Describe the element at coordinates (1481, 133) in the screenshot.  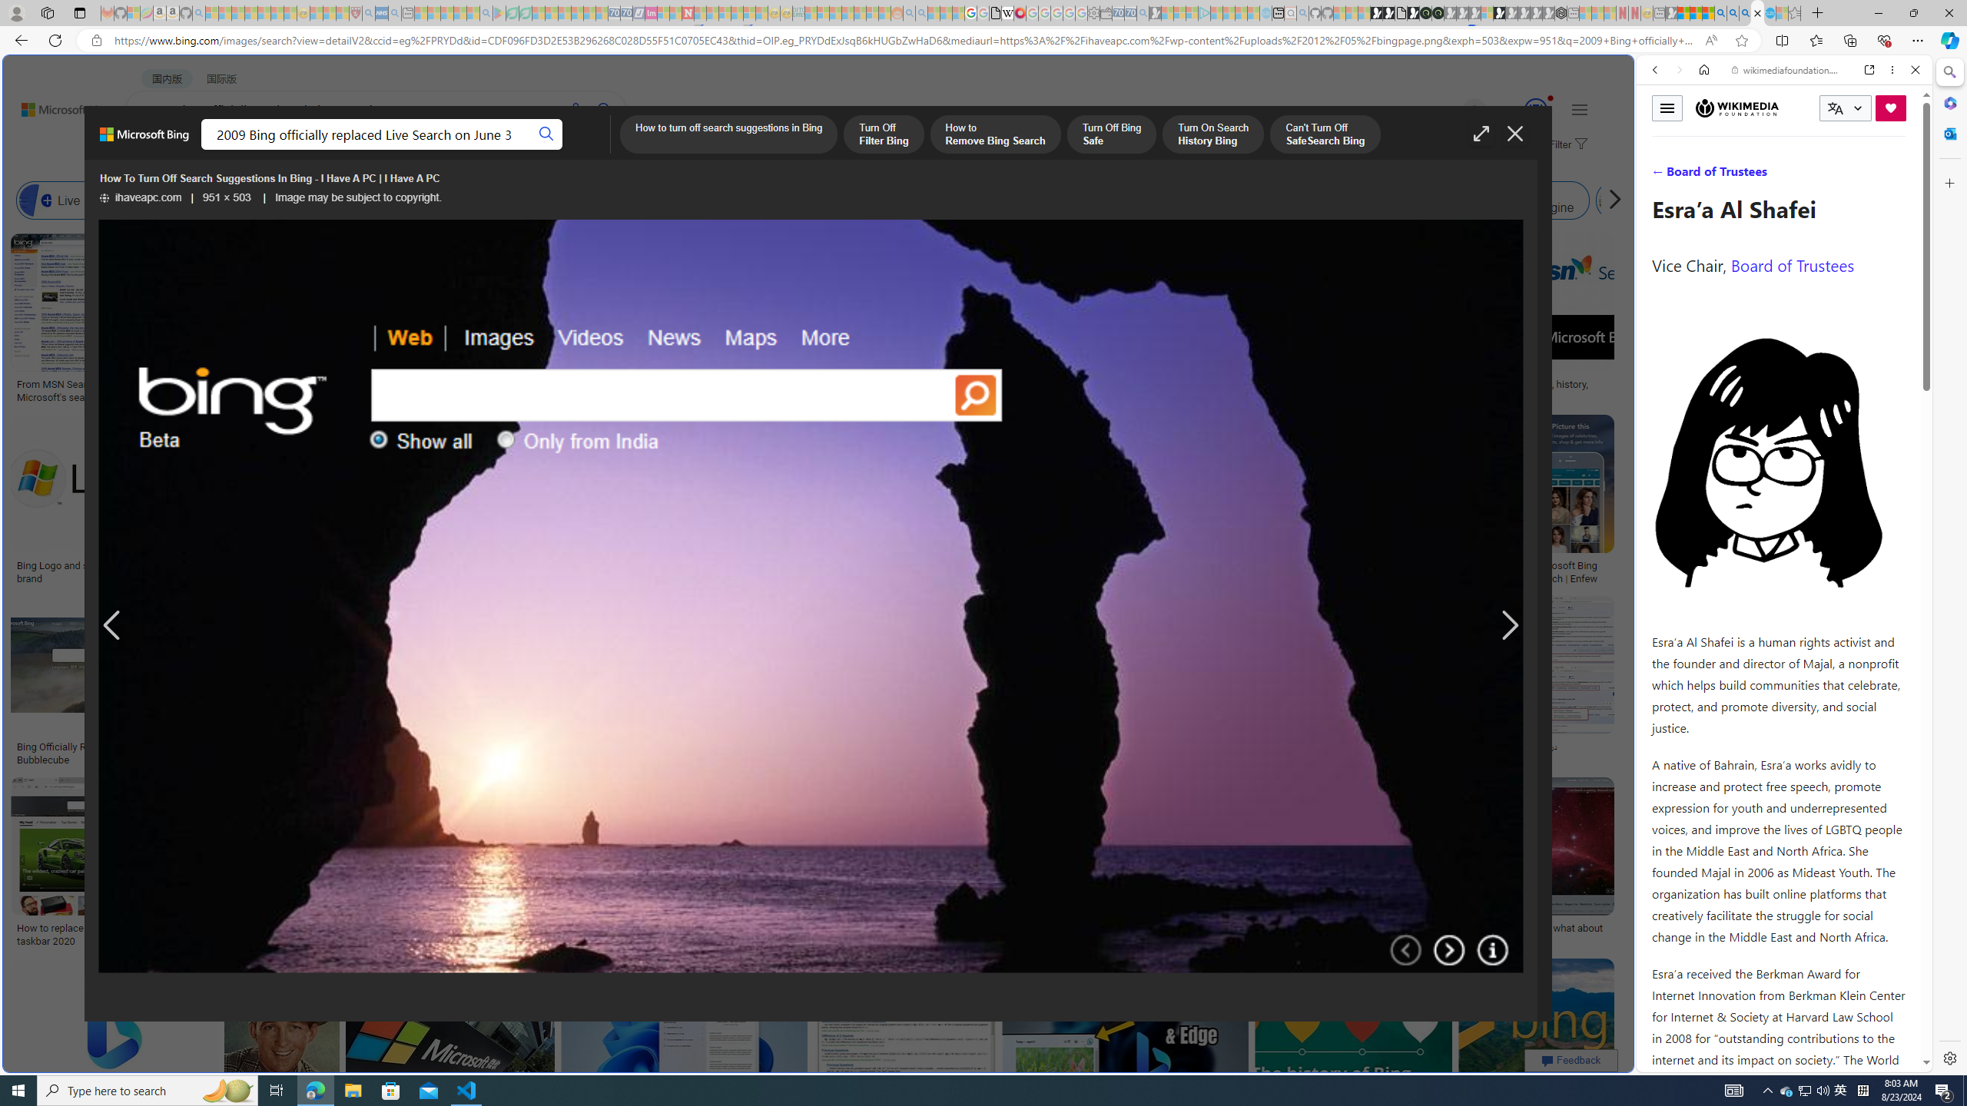
I see `'Full screen'` at that location.